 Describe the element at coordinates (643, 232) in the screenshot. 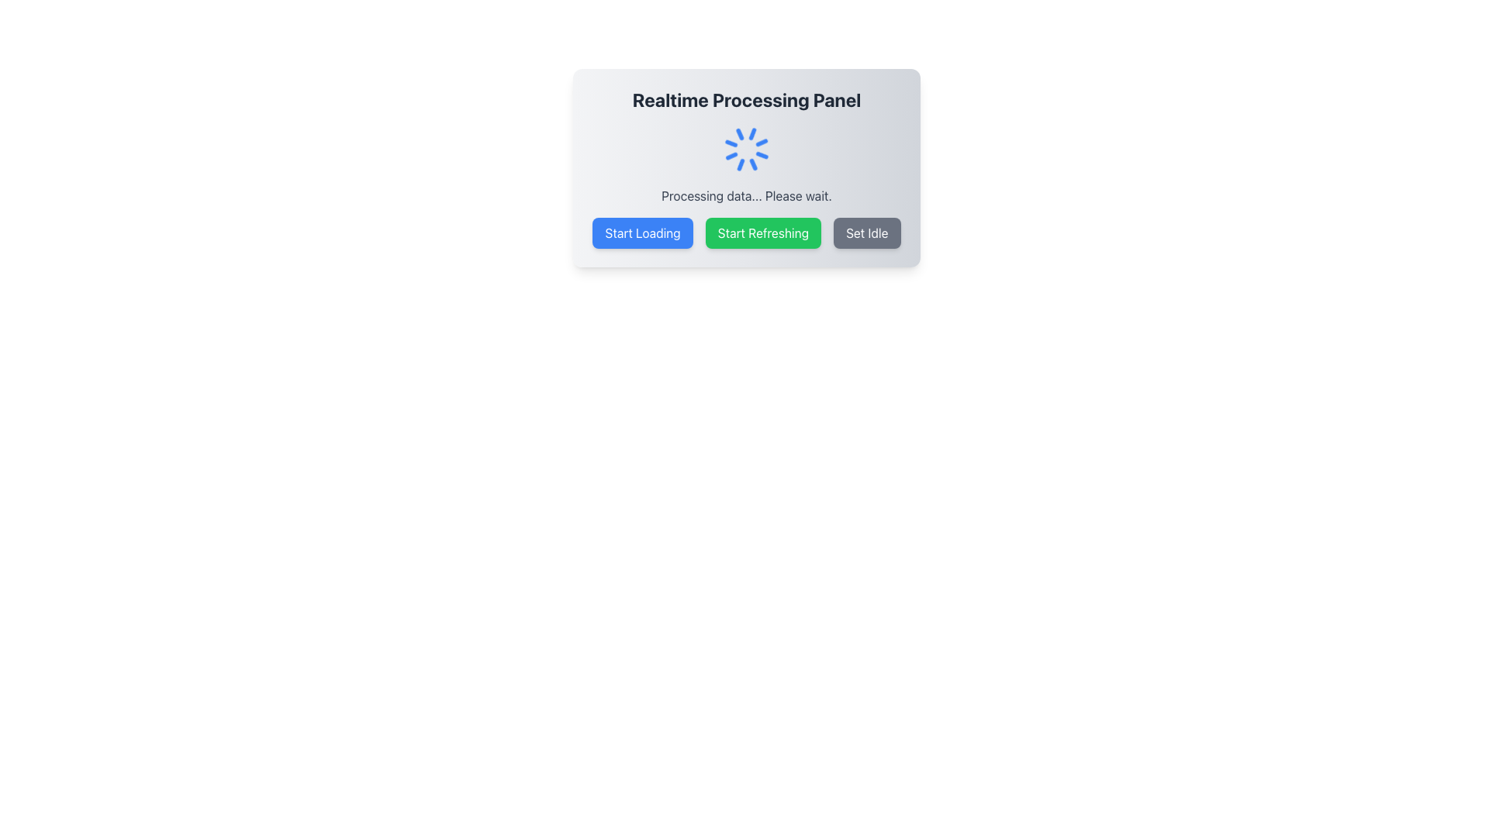

I see `the loading button, which is the first of three horizontally aligned buttons` at that location.